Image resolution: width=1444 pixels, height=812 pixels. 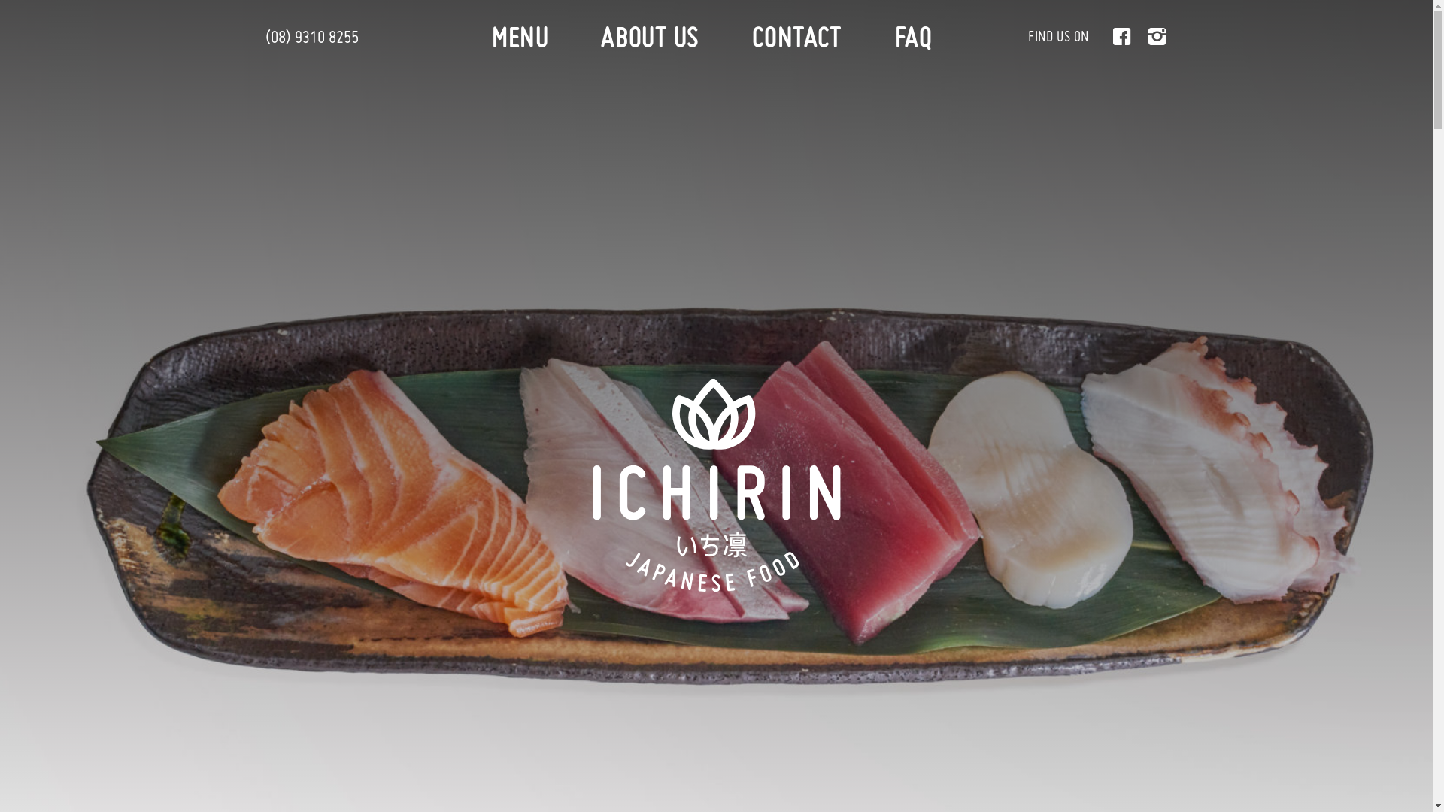 What do you see at coordinates (520, 40) in the screenshot?
I see `'MENU'` at bounding box center [520, 40].